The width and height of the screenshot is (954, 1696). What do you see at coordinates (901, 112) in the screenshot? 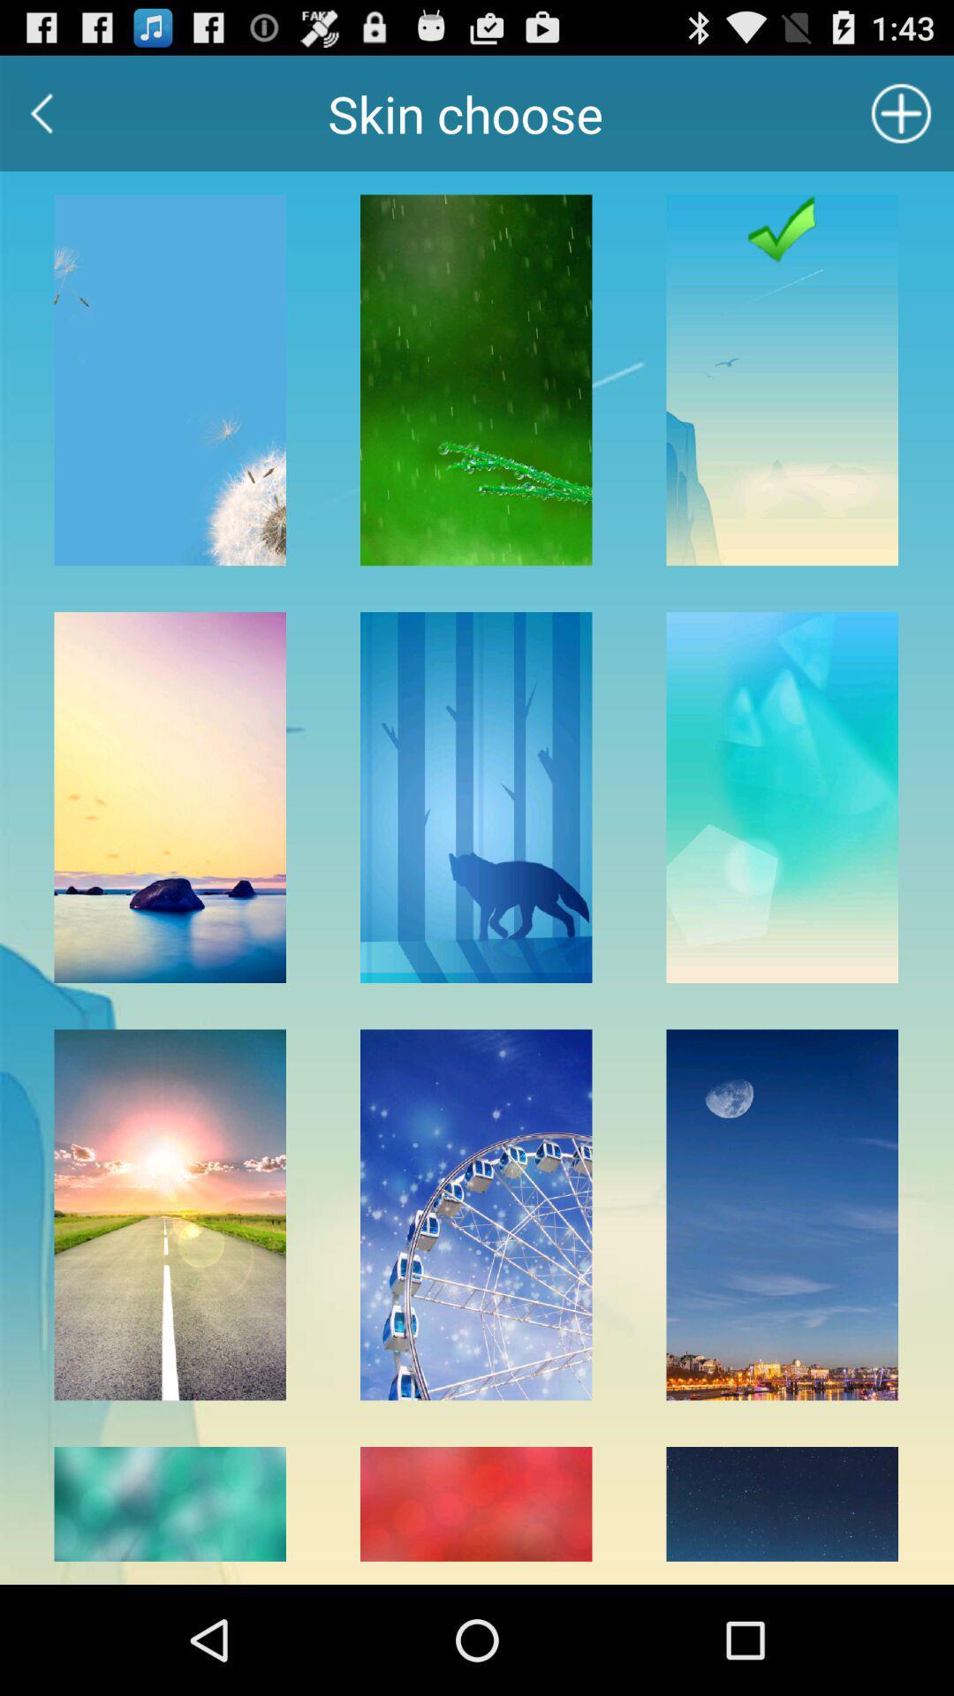
I see `icon next to skin choose` at bounding box center [901, 112].